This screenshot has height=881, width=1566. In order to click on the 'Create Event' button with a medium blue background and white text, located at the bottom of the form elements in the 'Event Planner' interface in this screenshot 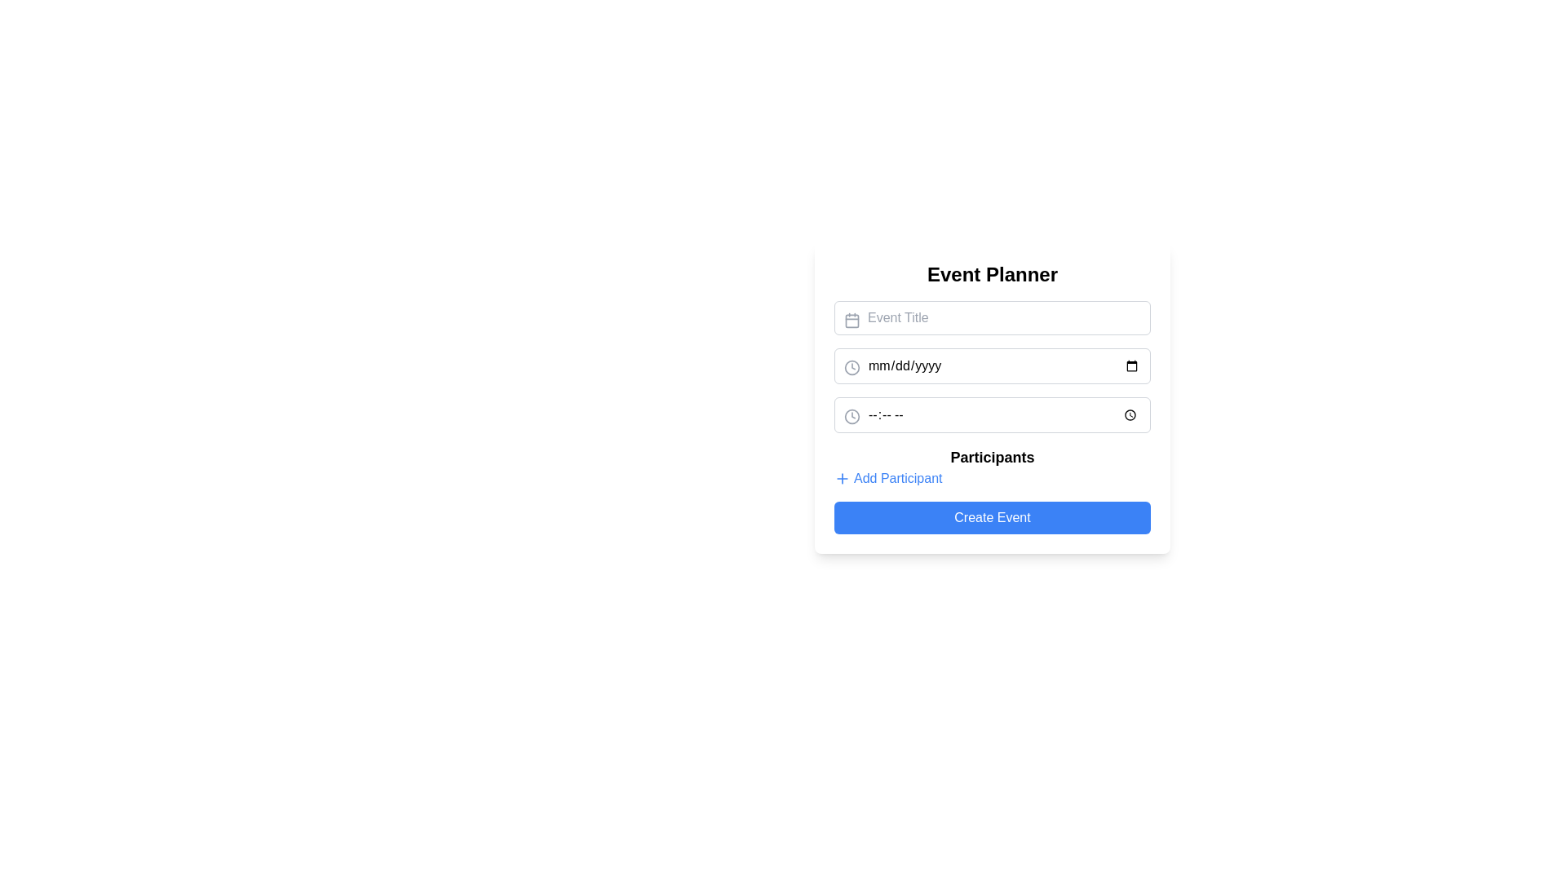, I will do `click(992, 518)`.